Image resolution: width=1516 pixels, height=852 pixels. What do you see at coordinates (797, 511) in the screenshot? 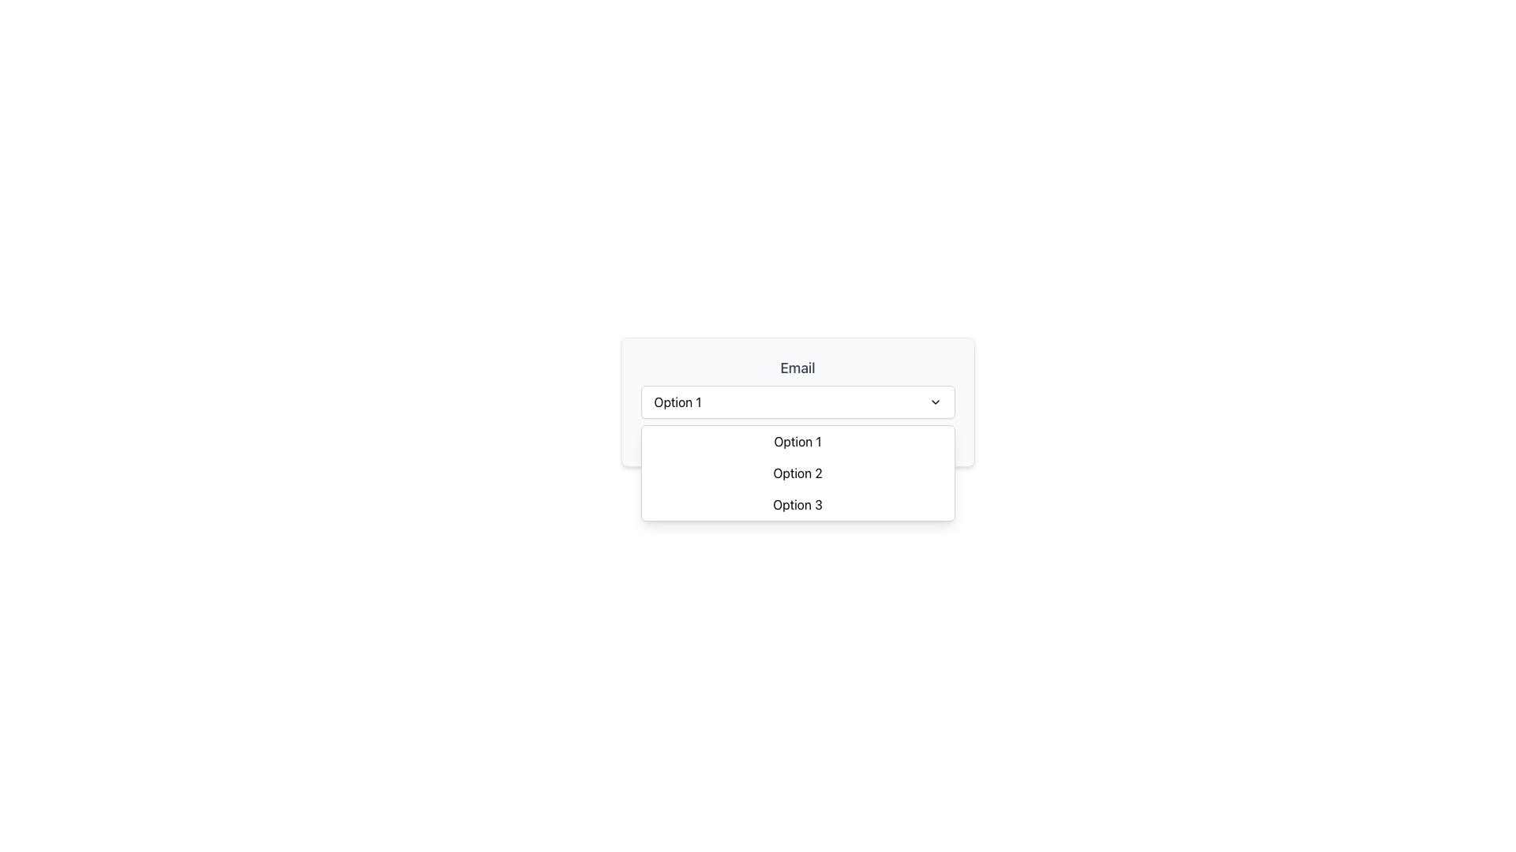
I see `the third item in the dropdown menu labeled 'Option 3'` at bounding box center [797, 511].